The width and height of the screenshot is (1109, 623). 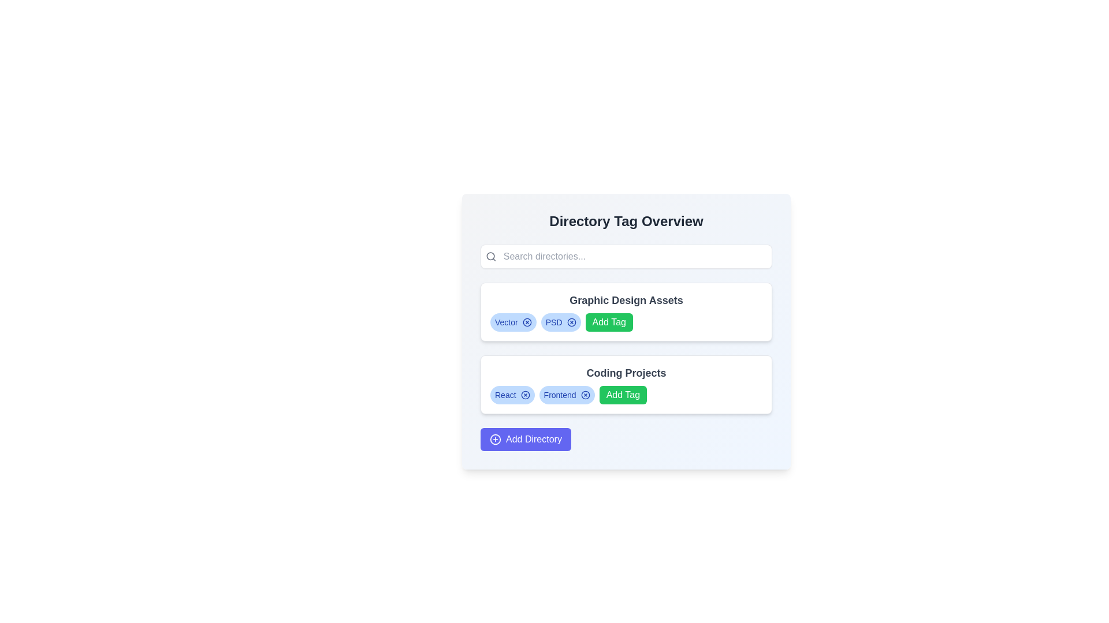 I want to click on the button located under the 'Graphic Design Assets' heading in the 'Directory Tag Overview' section, so click(x=626, y=331).